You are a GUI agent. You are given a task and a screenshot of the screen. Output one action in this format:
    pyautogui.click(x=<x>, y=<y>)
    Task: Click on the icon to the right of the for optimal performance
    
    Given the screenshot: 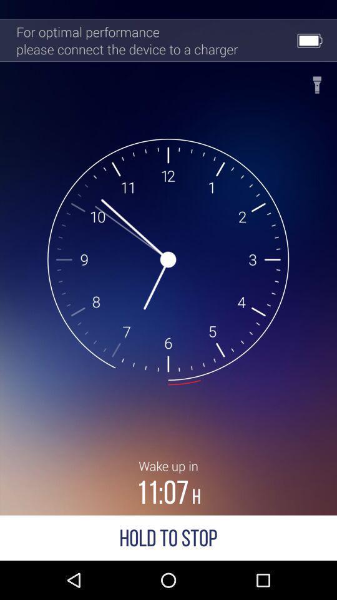 What is the action you would take?
    pyautogui.click(x=317, y=81)
    